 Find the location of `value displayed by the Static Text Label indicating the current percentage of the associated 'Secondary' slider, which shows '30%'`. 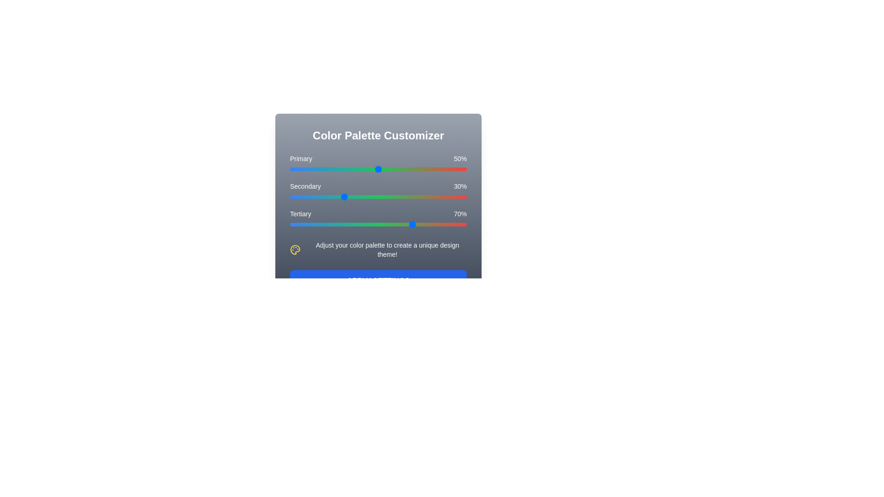

value displayed by the Static Text Label indicating the current percentage of the associated 'Secondary' slider, which shows '30%' is located at coordinates (460, 186).